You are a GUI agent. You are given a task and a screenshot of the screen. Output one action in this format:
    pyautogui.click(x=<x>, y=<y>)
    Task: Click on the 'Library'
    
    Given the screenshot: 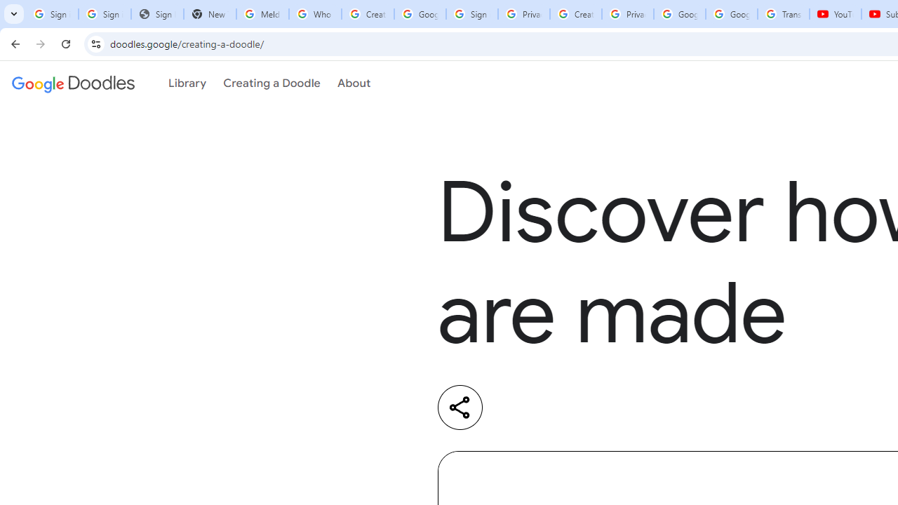 What is the action you would take?
    pyautogui.click(x=187, y=83)
    